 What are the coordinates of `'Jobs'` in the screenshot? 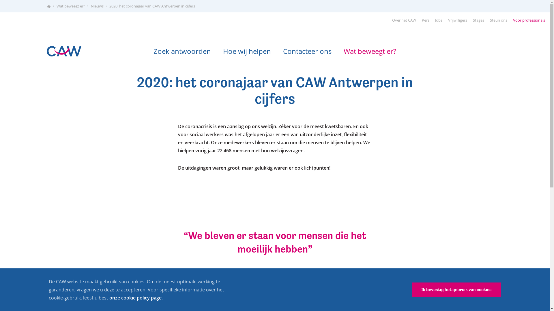 It's located at (439, 20).